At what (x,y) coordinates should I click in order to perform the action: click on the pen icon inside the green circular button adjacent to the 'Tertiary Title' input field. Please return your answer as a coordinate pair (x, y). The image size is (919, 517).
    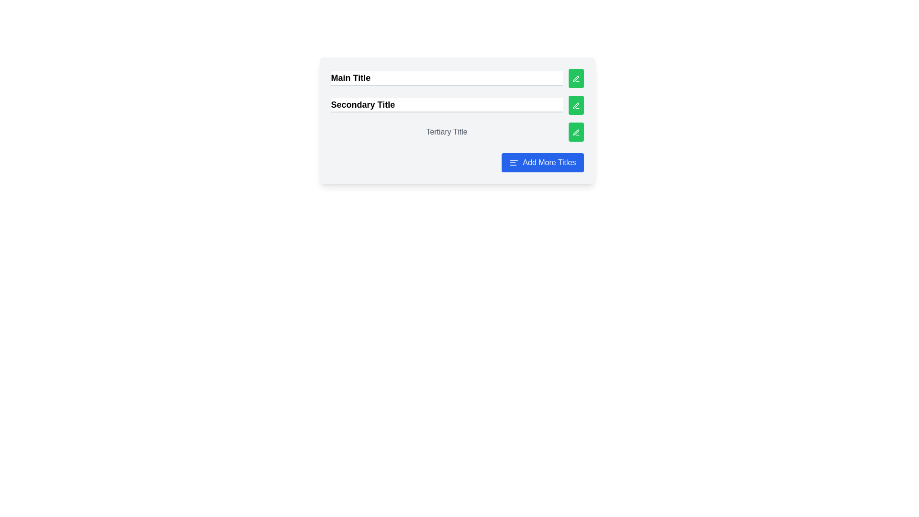
    Looking at the image, I should click on (575, 132).